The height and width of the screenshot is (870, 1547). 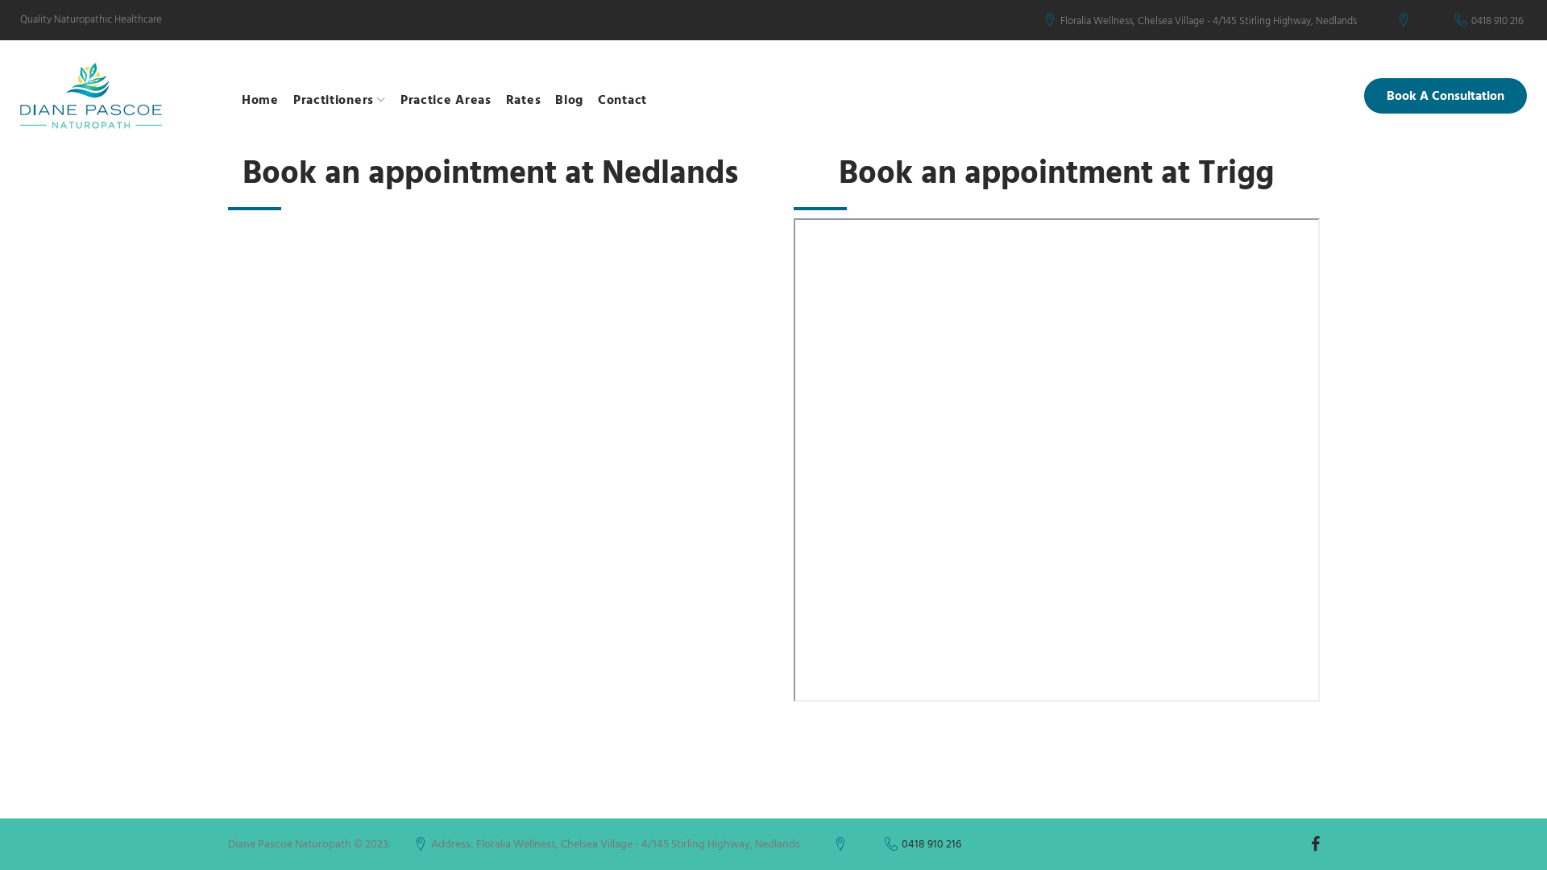 I want to click on 'Contact', so click(x=597, y=99).